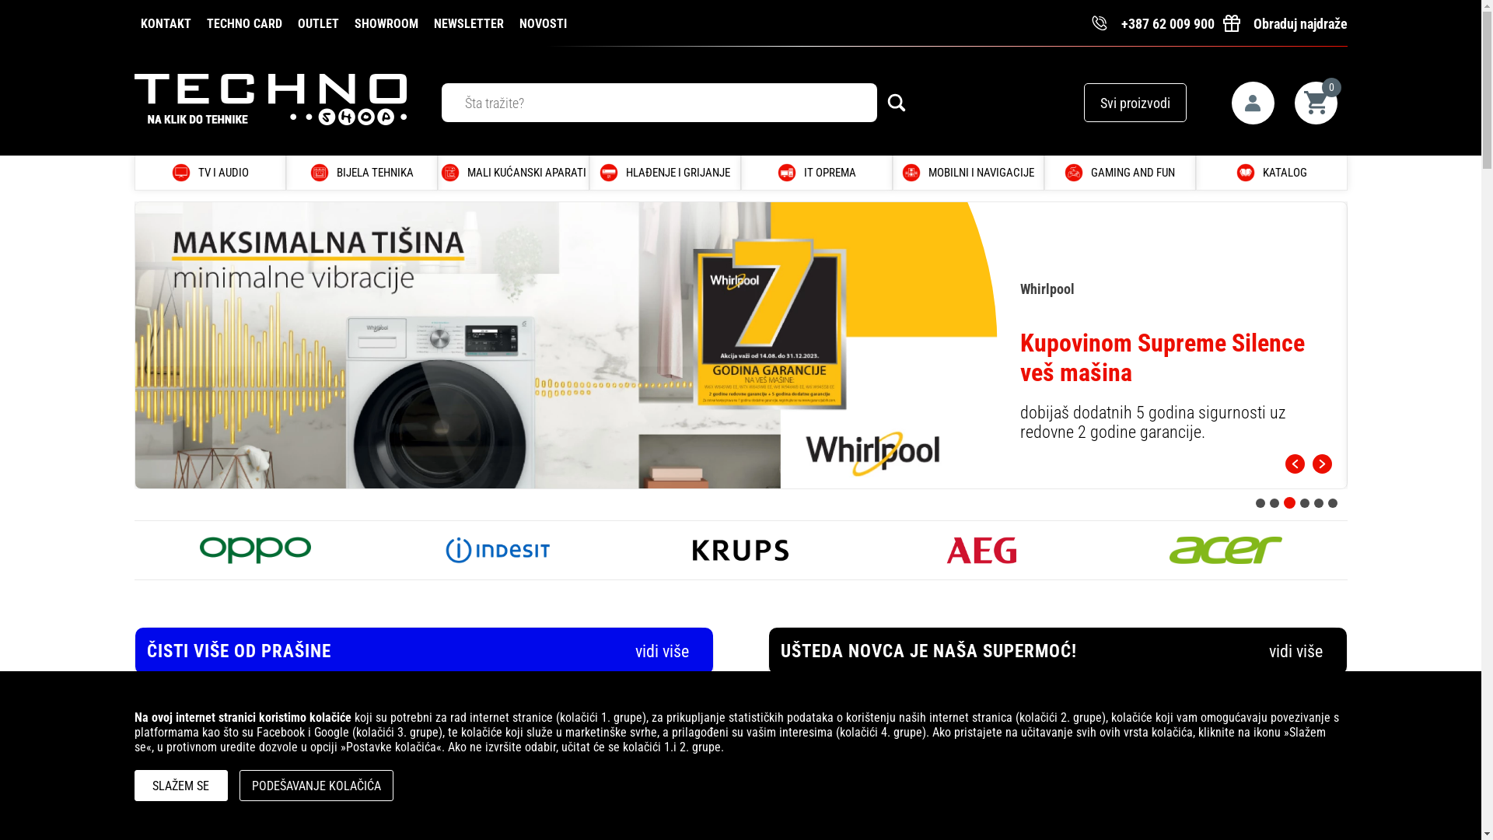 The image size is (1493, 840). I want to click on '+387 62 009 900', so click(1089, 23).